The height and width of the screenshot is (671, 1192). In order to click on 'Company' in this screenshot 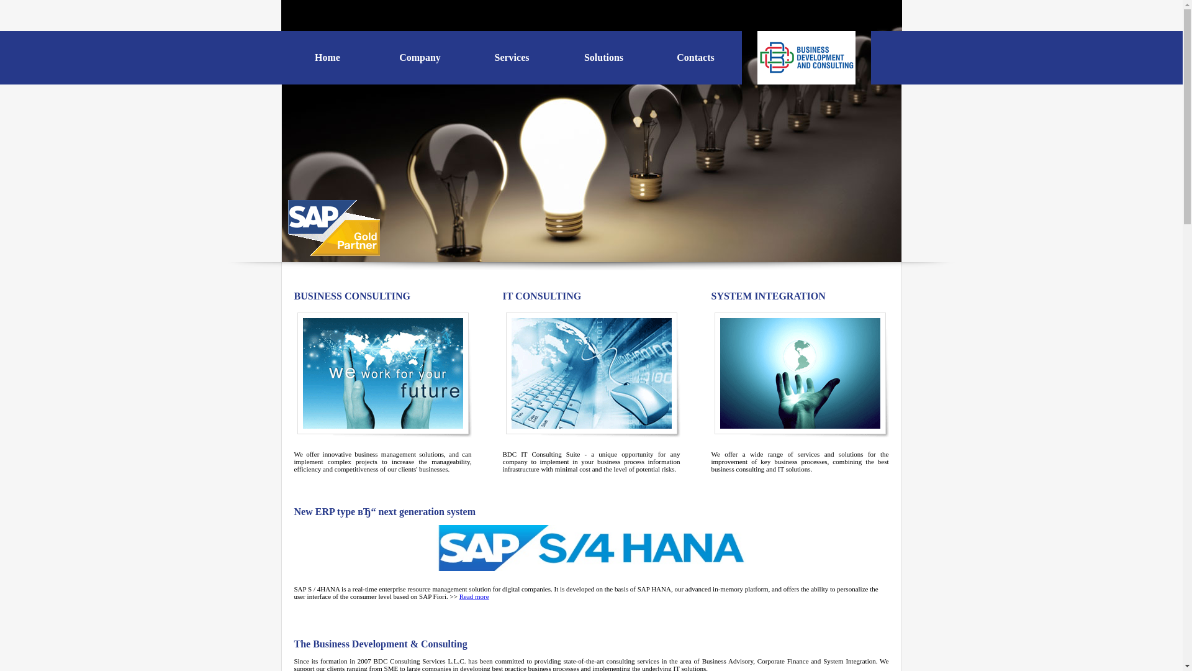, I will do `click(420, 57)`.